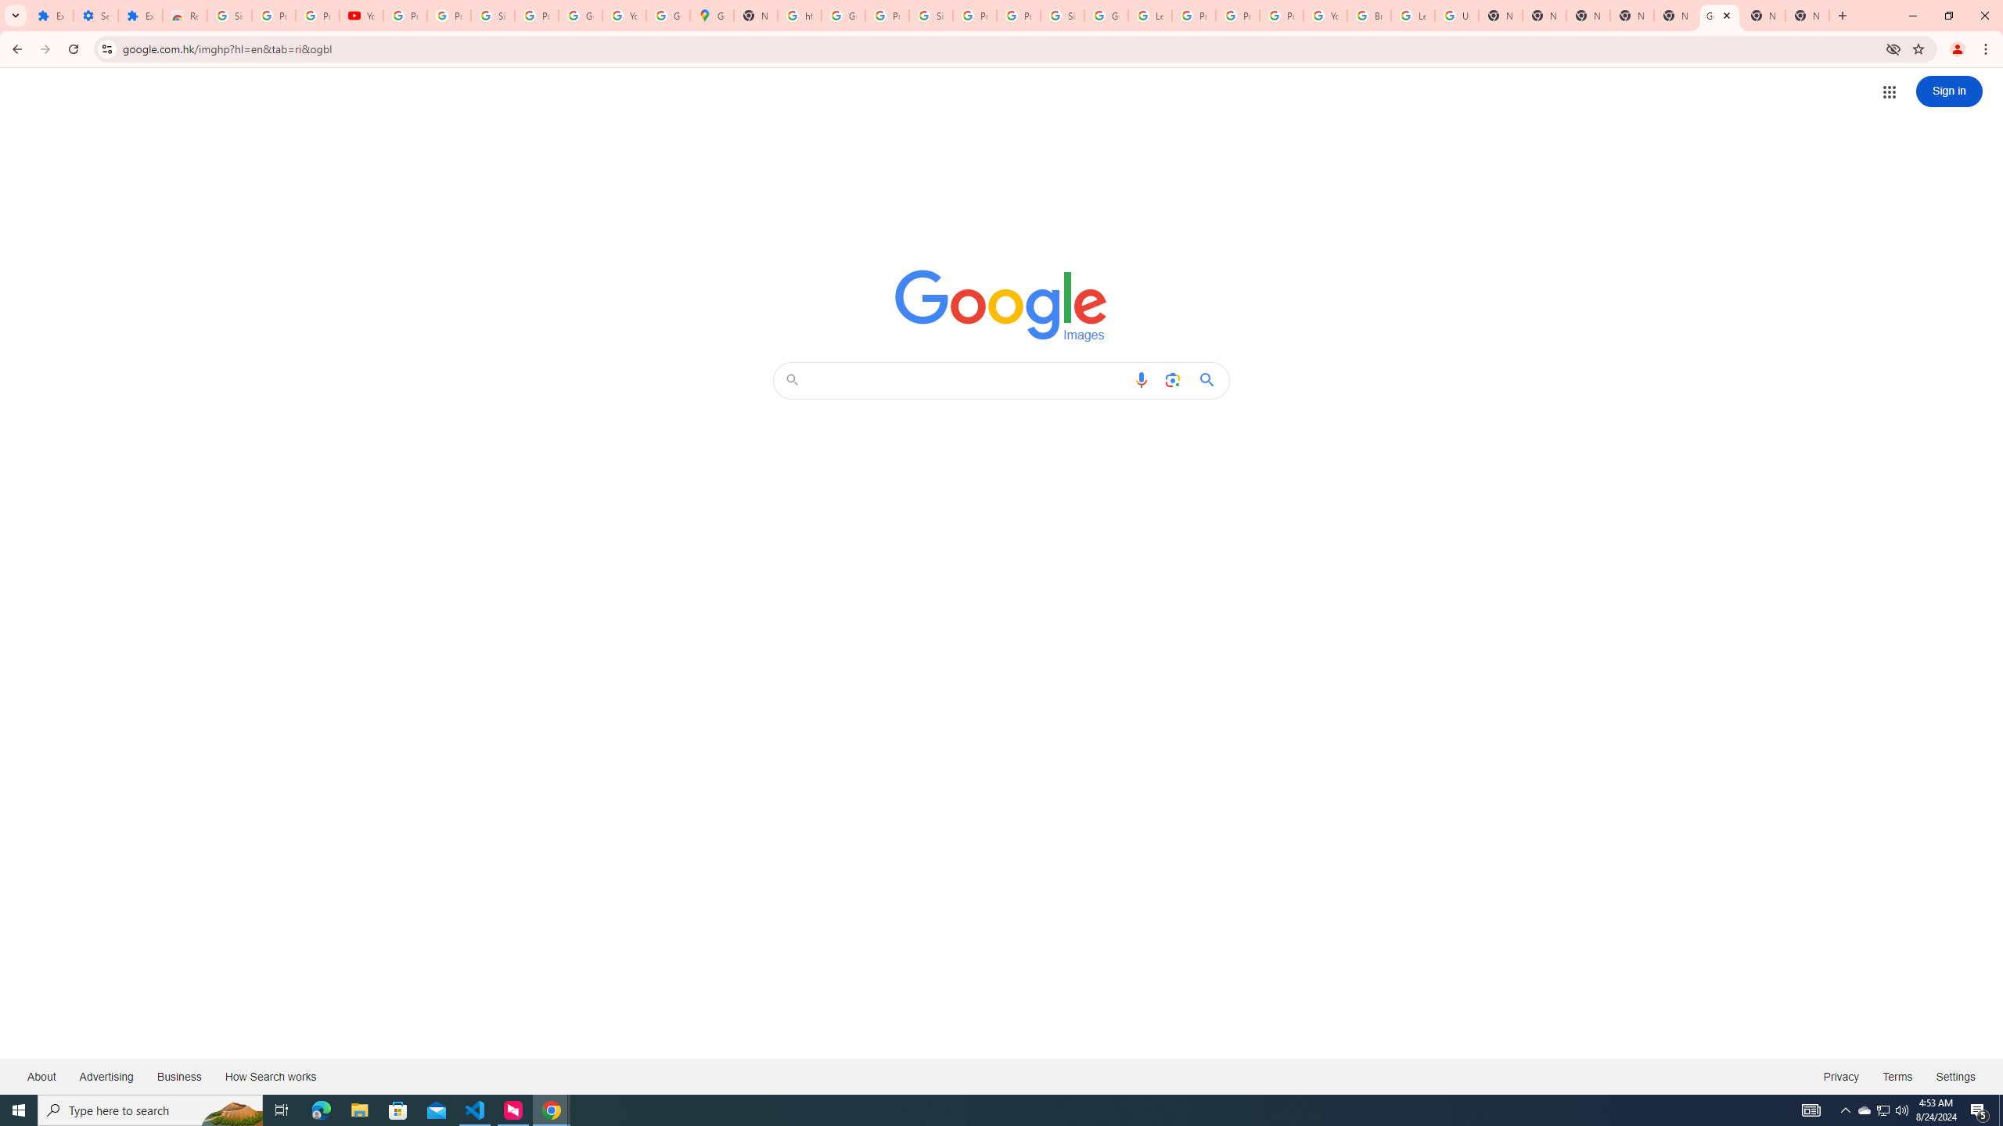 The width and height of the screenshot is (2003, 1126). Describe the element at coordinates (106, 1075) in the screenshot. I see `'Advertising'` at that location.